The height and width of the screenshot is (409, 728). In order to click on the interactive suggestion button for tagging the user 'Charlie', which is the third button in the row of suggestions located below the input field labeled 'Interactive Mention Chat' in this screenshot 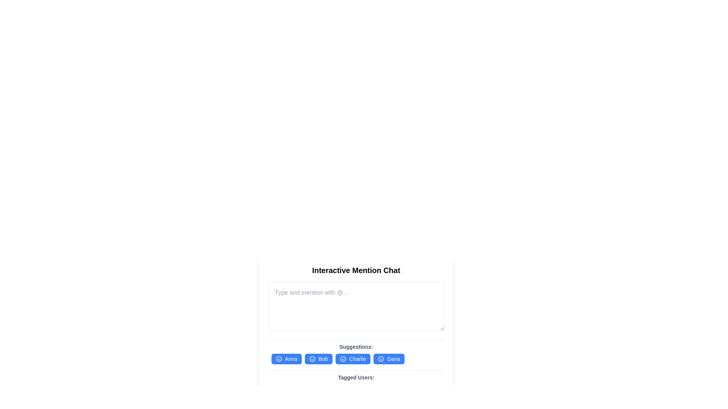, I will do `click(353, 359)`.